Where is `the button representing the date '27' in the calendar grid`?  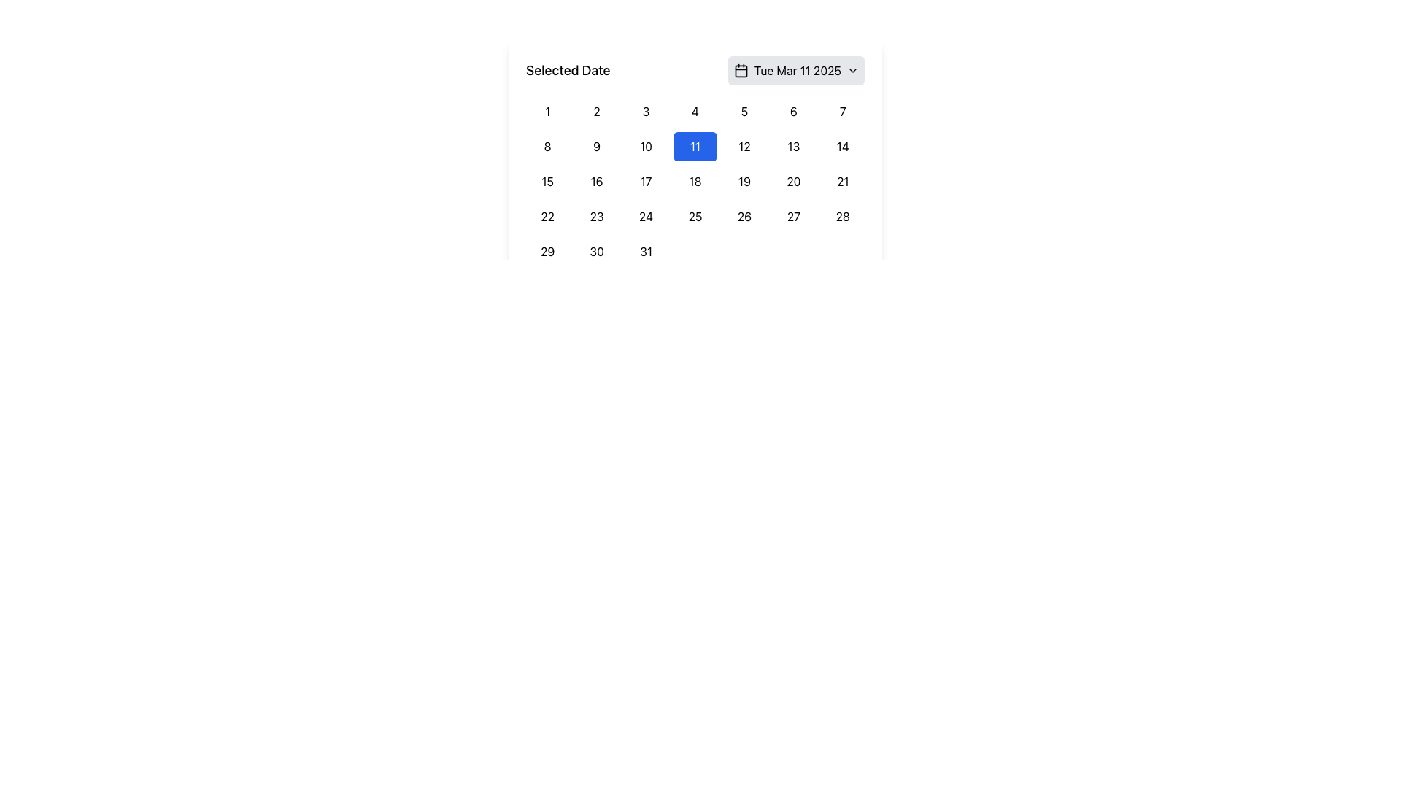 the button representing the date '27' in the calendar grid is located at coordinates (792, 217).